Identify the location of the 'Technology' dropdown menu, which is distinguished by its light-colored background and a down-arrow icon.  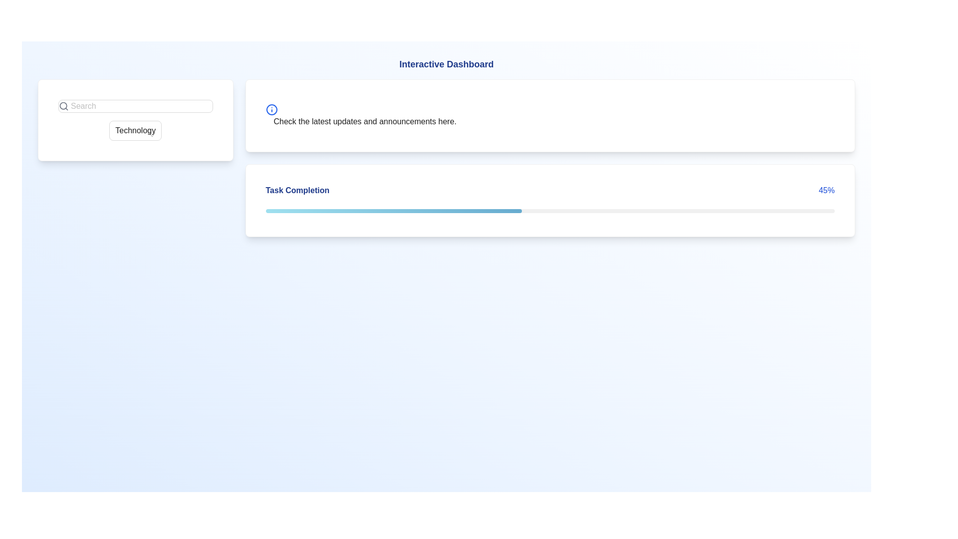
(135, 130).